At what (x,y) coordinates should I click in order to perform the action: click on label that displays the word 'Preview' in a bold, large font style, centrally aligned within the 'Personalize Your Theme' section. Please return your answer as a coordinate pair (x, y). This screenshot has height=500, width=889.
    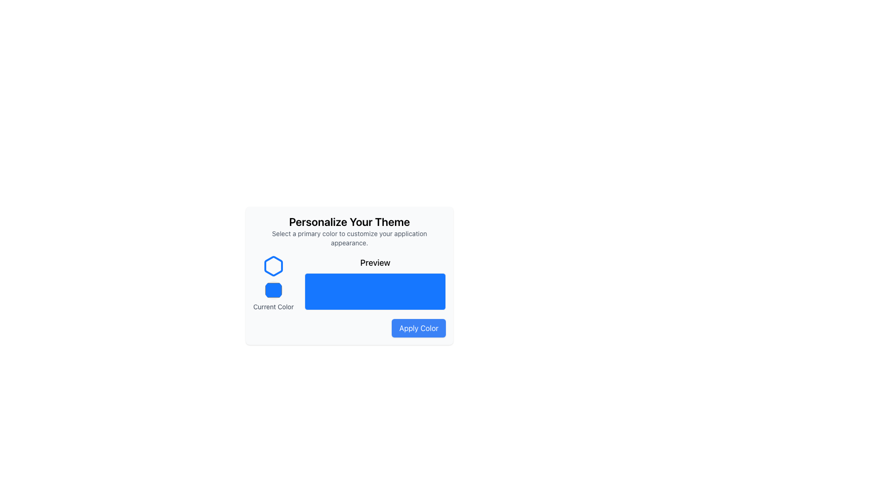
    Looking at the image, I should click on (375, 262).